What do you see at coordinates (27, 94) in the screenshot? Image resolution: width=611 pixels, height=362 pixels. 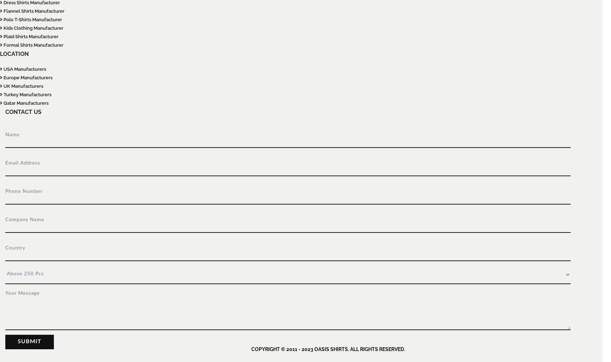 I see `'Turkey Manufacturers'` at bounding box center [27, 94].